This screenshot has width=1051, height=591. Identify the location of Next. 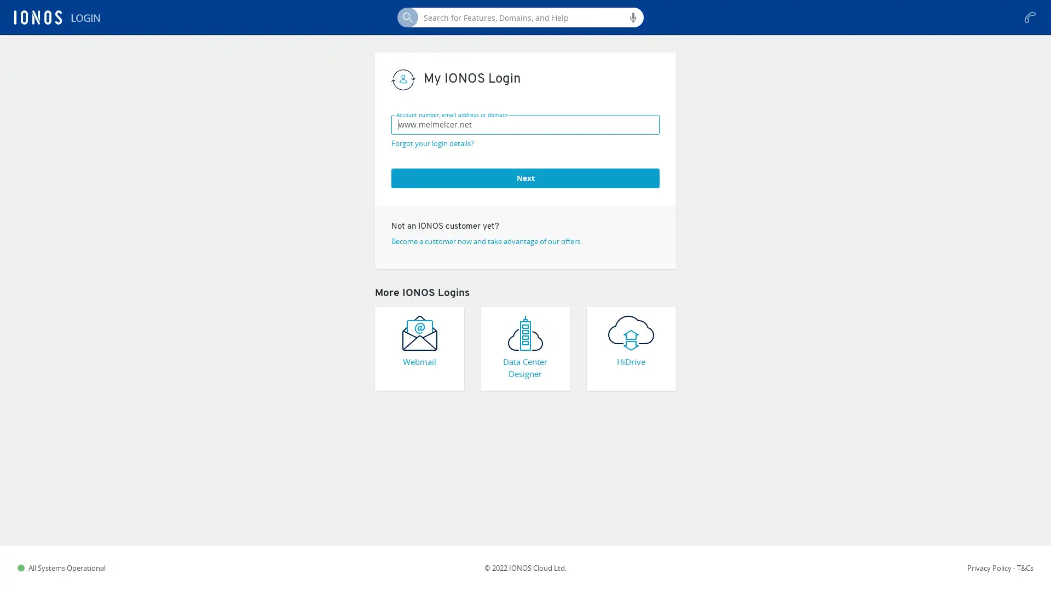
(525, 177).